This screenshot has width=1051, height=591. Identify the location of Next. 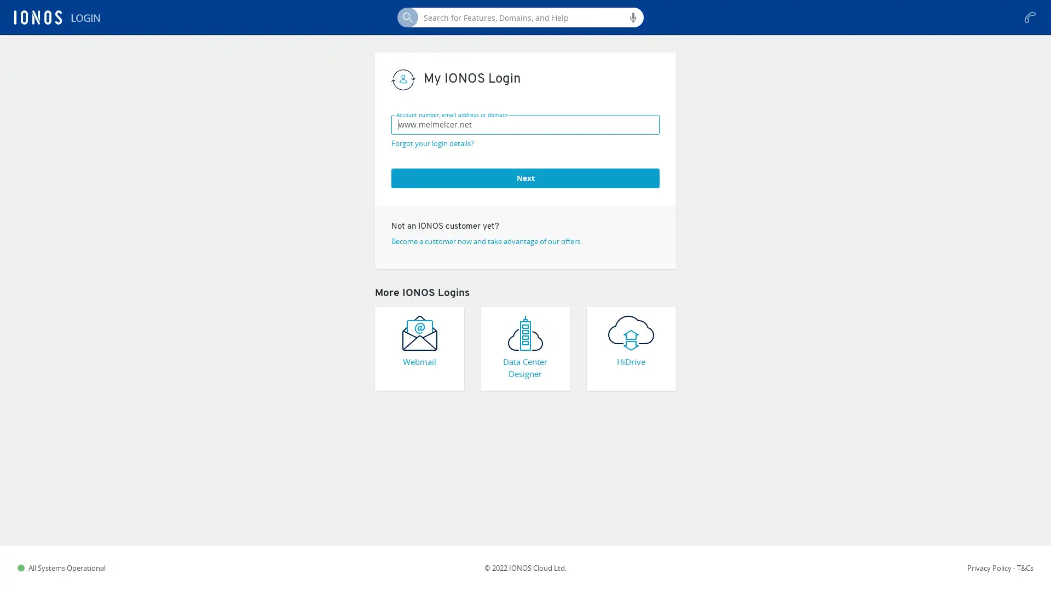
(525, 177).